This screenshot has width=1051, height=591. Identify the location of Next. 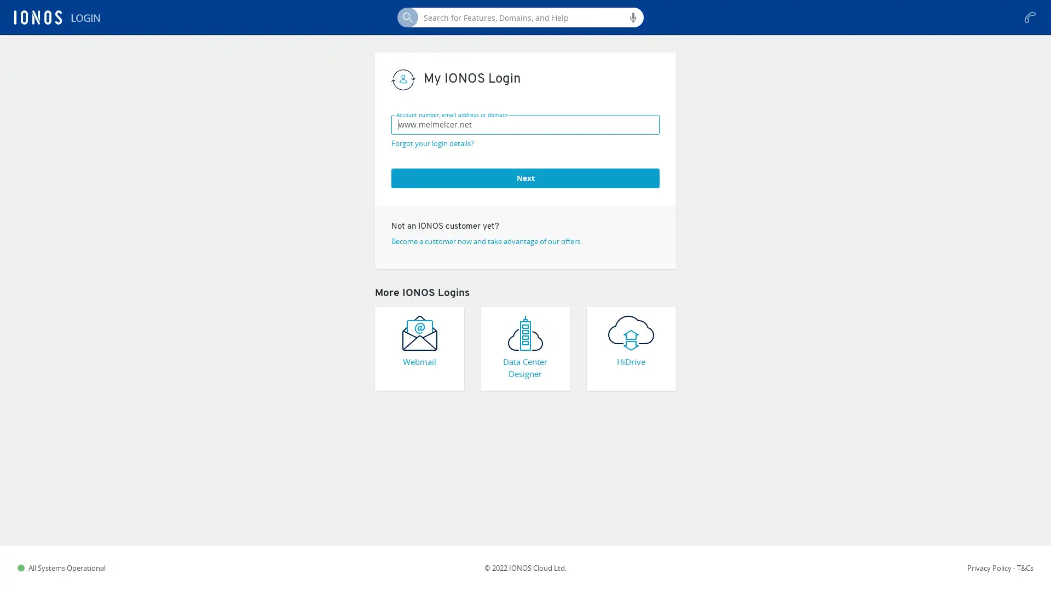
(525, 177).